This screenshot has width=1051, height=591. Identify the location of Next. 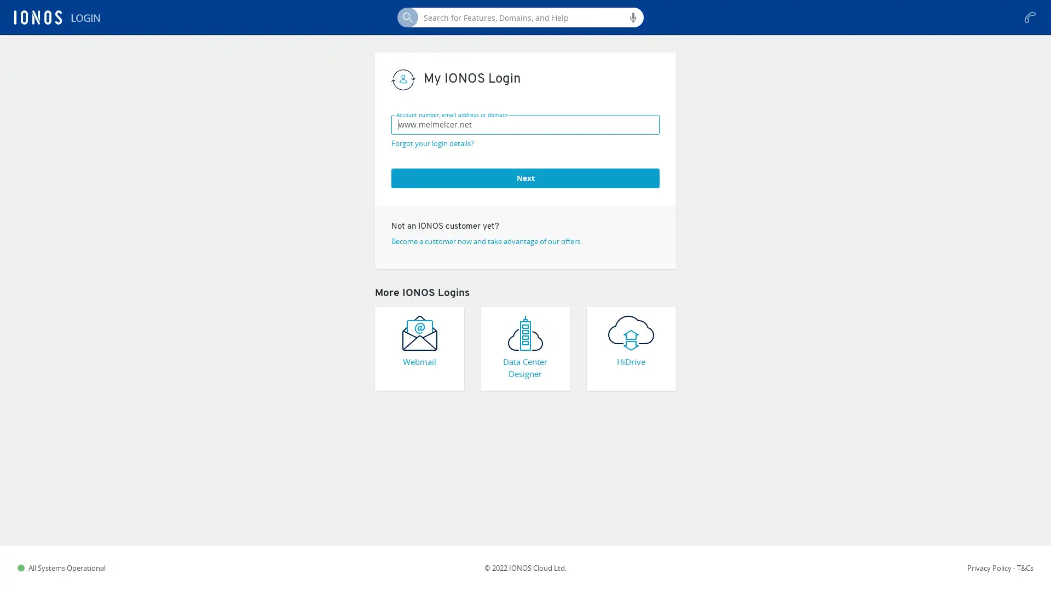
(525, 177).